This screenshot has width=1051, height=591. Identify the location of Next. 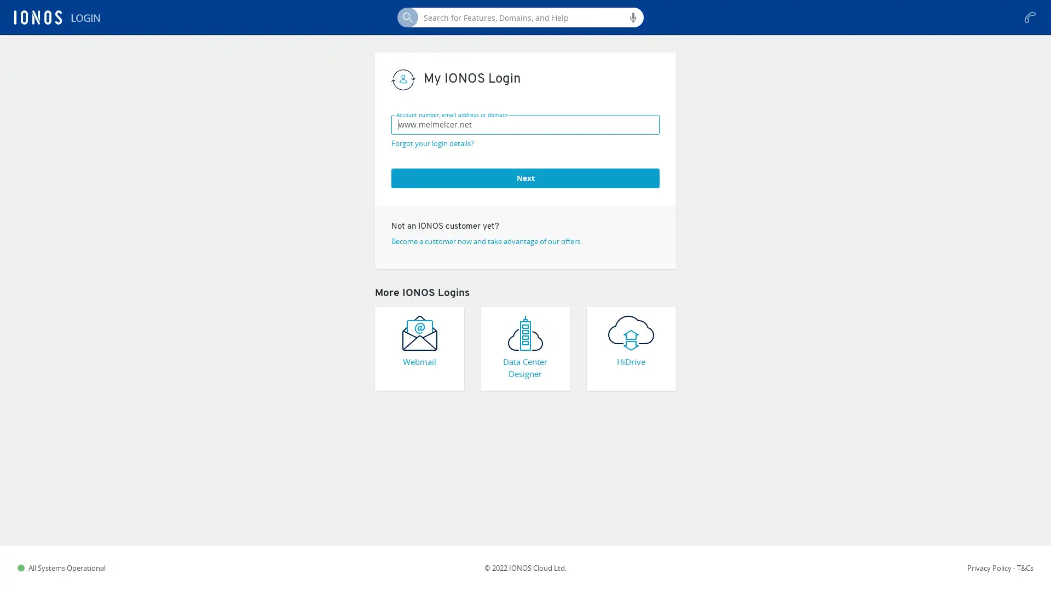
(525, 177).